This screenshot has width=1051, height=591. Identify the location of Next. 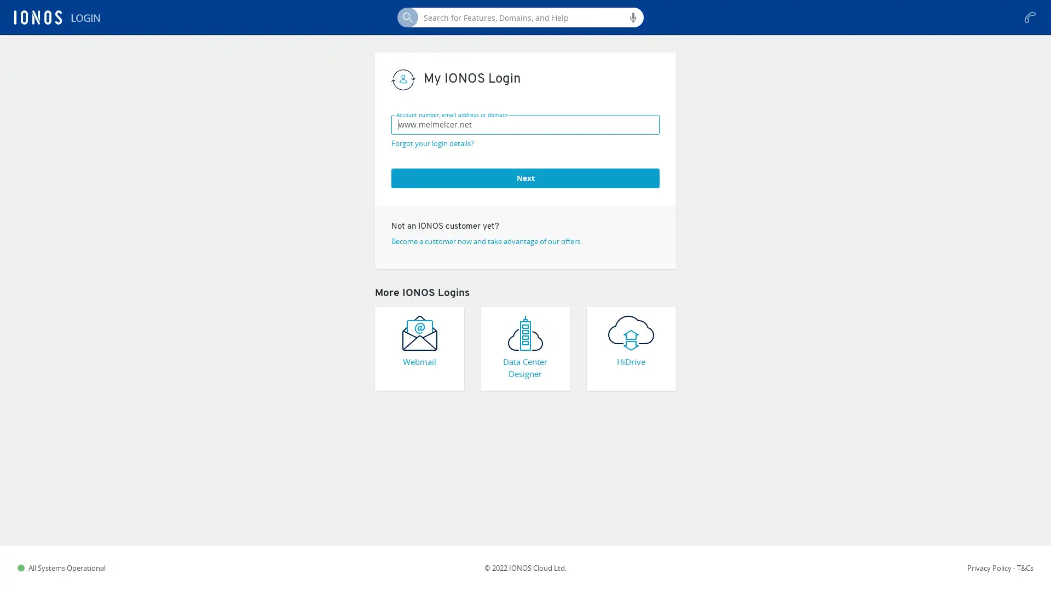
(525, 177).